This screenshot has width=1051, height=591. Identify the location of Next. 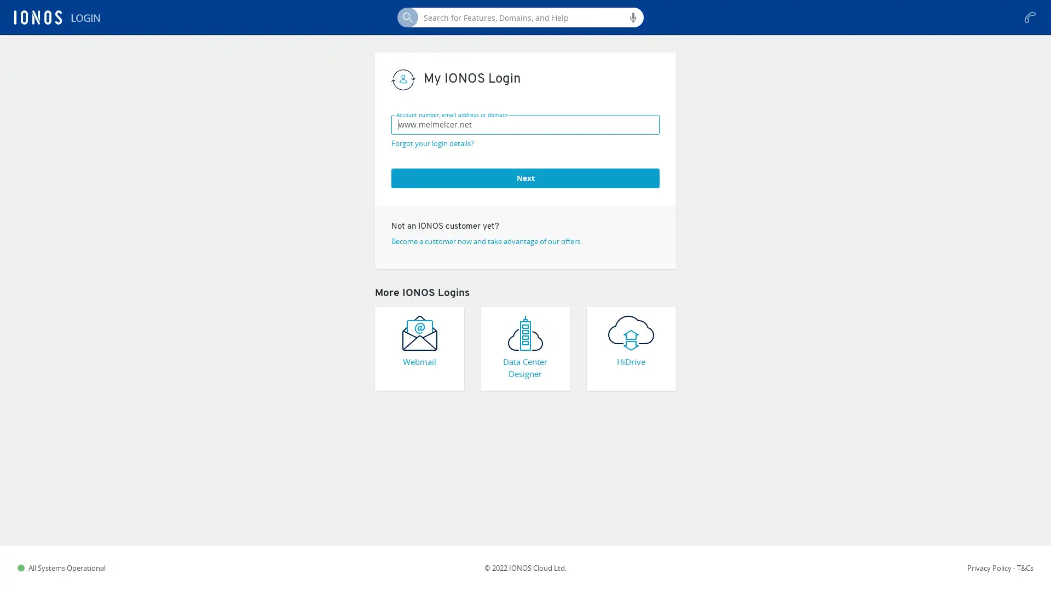
(525, 177).